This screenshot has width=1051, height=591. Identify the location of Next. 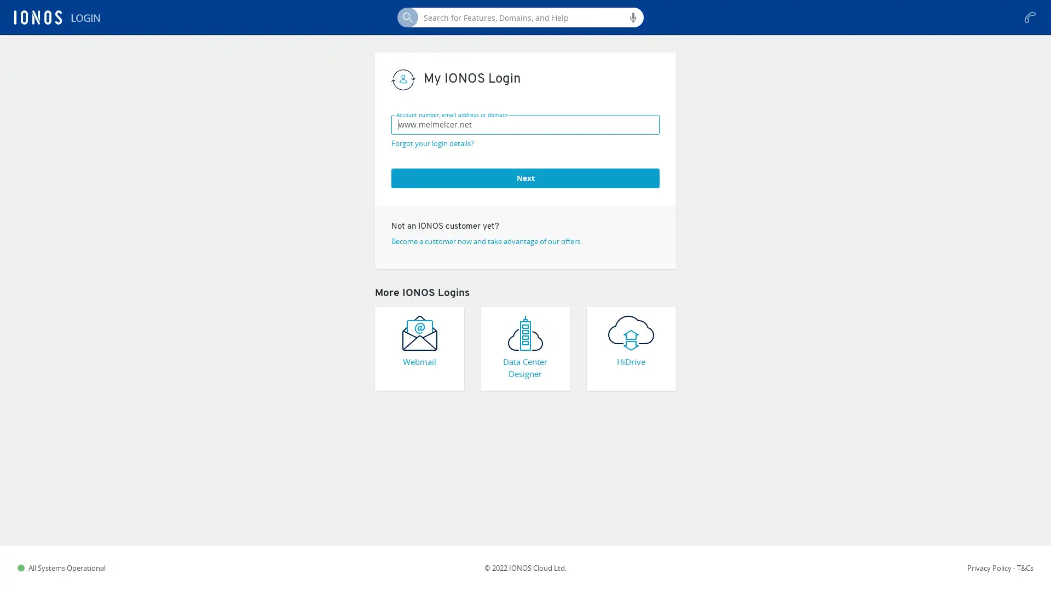
(525, 177).